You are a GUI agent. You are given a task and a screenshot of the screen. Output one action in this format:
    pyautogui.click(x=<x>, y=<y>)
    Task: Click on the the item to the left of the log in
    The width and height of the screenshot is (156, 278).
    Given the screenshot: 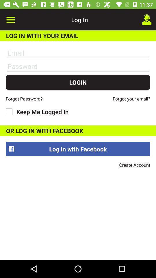 What is the action you would take?
    pyautogui.click(x=10, y=20)
    